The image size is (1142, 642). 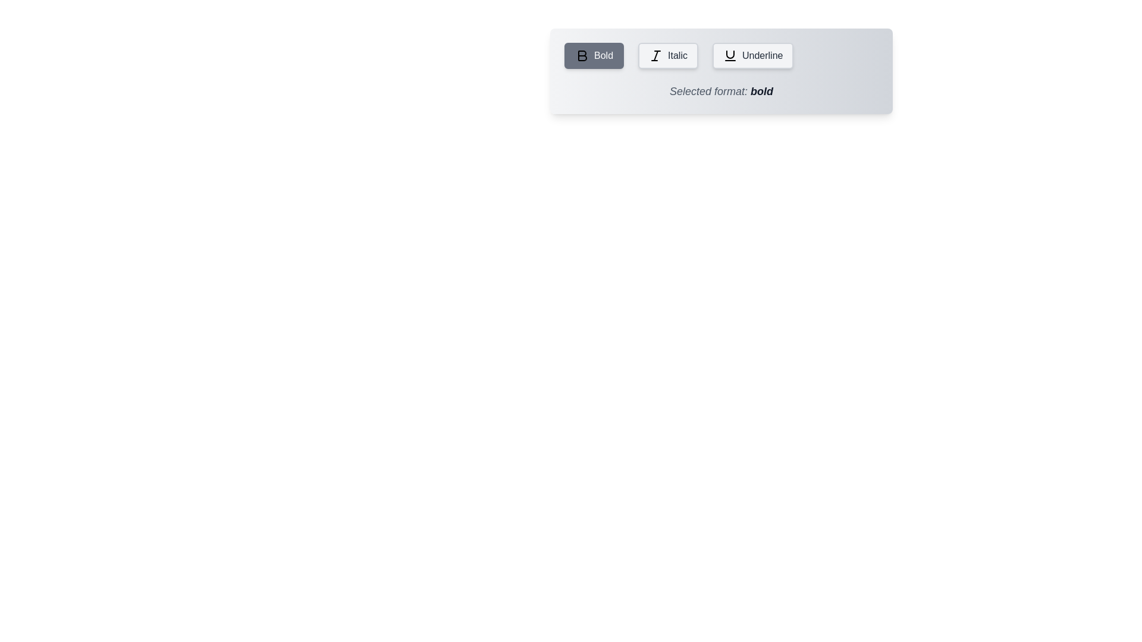 I want to click on the Underline button to see its hover animation, so click(x=752, y=55).